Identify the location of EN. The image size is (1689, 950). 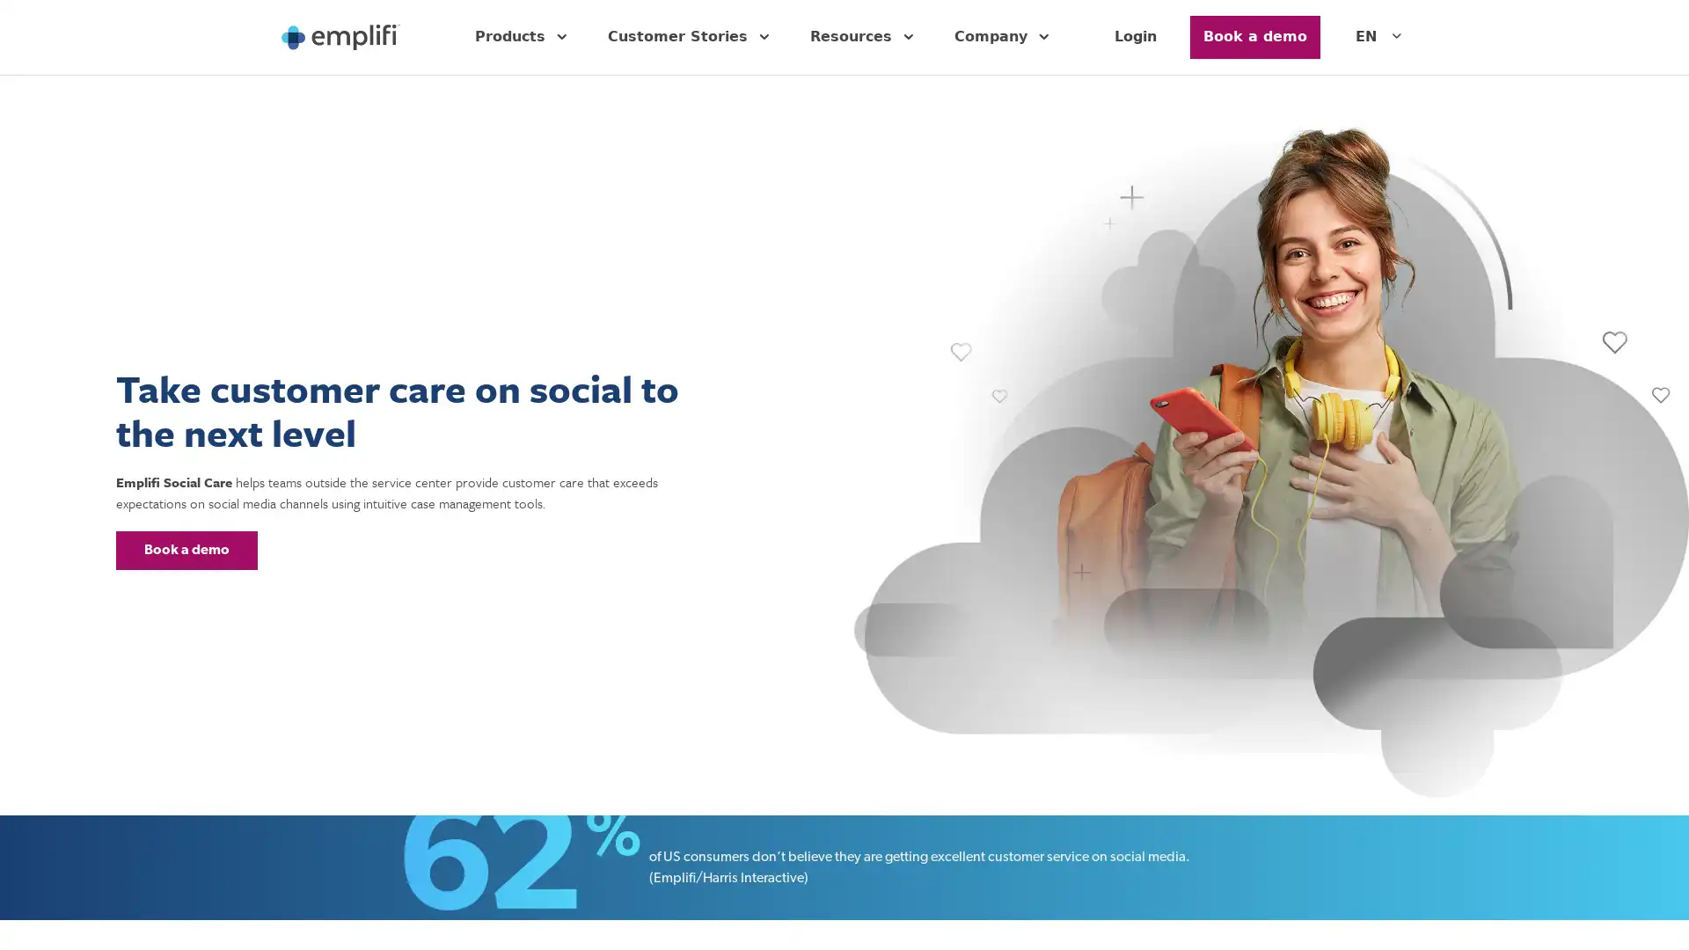
(1380, 37).